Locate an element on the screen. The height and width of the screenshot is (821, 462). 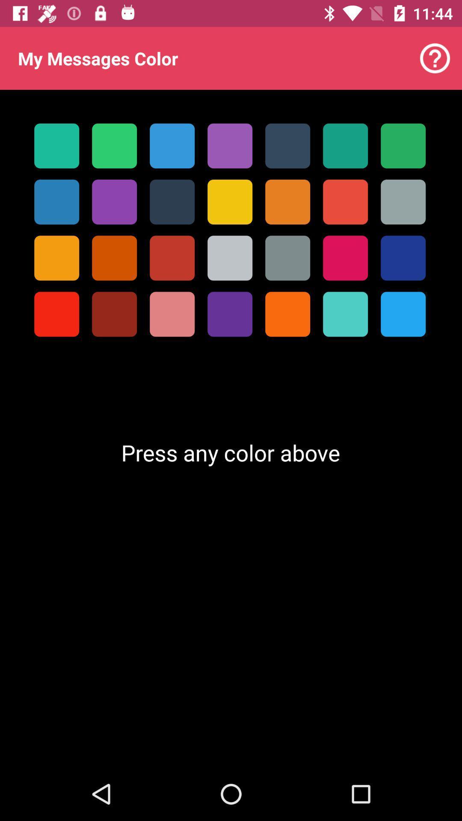
the first row seventh box is located at coordinates (403, 146).